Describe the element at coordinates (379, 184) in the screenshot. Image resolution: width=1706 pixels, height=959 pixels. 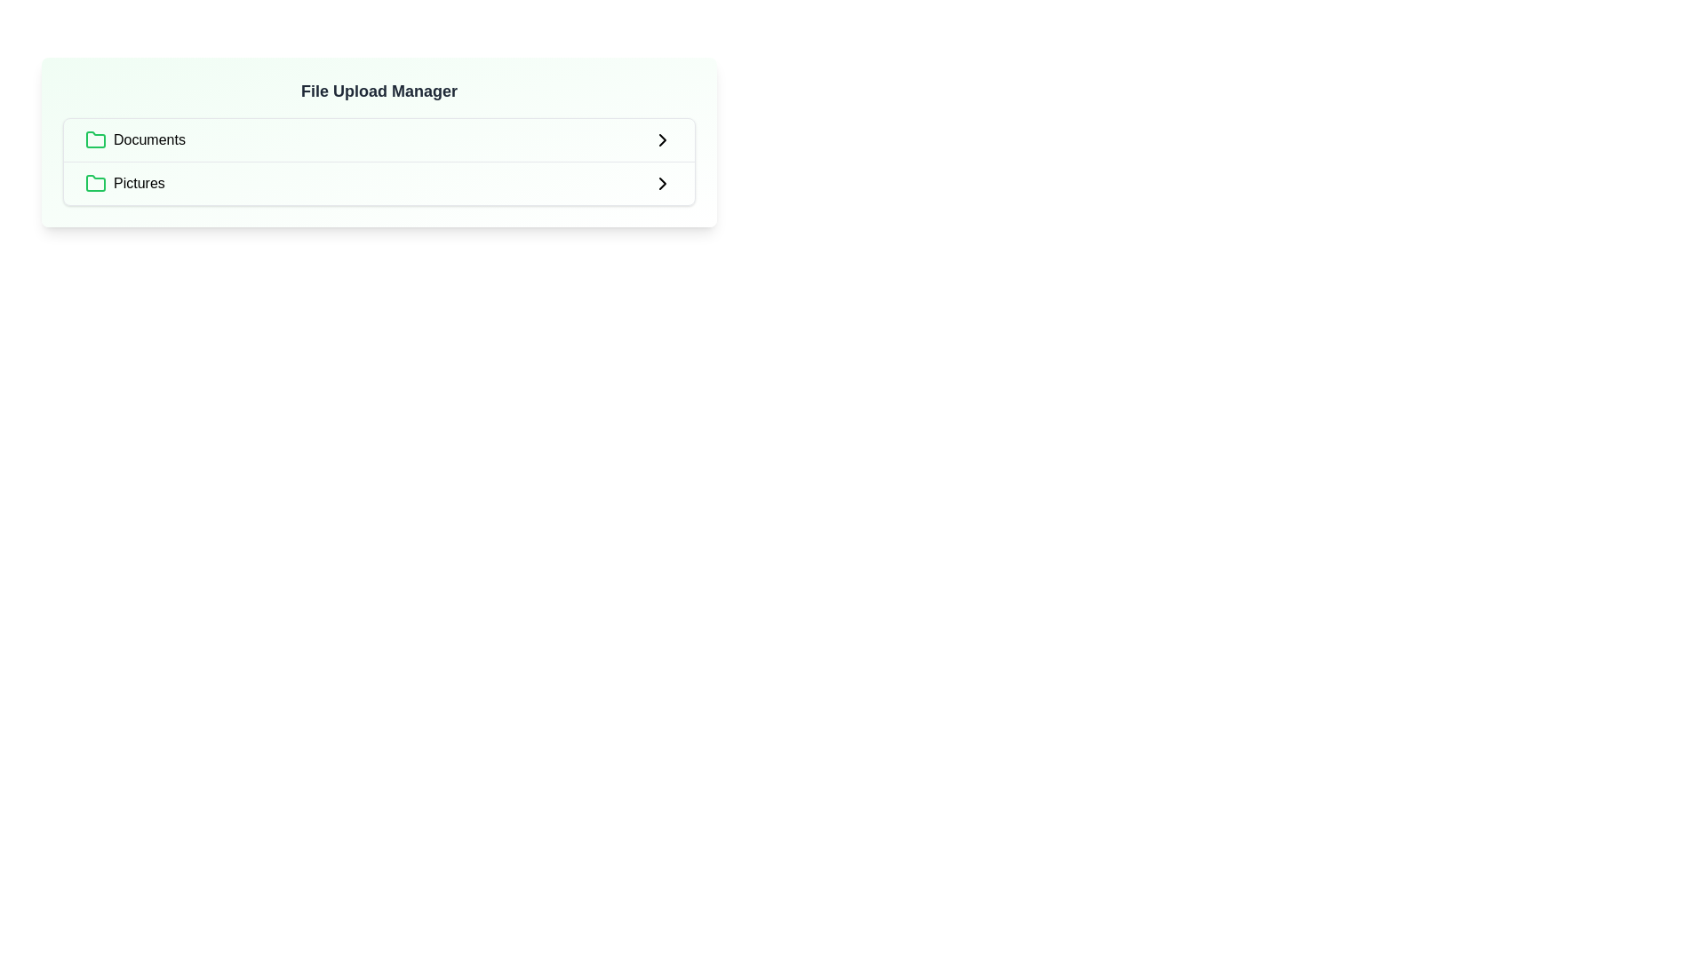
I see `the 'Pictures' folder row item located` at that location.